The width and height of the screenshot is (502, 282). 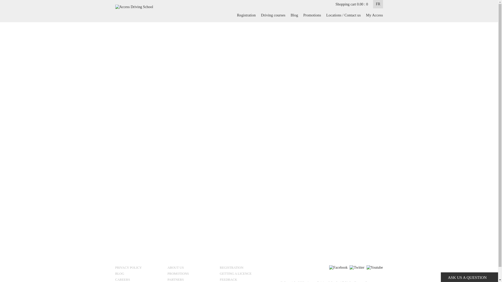 What do you see at coordinates (258, 15) in the screenshot?
I see `'Driving courses'` at bounding box center [258, 15].